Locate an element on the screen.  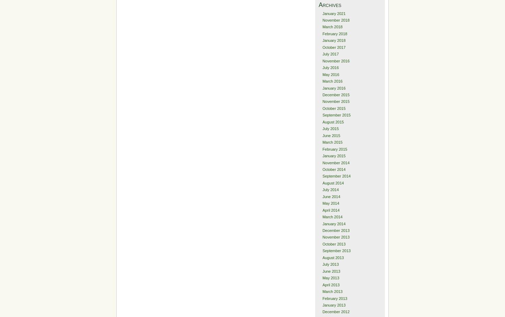
'November 2018' is located at coordinates (335, 20).